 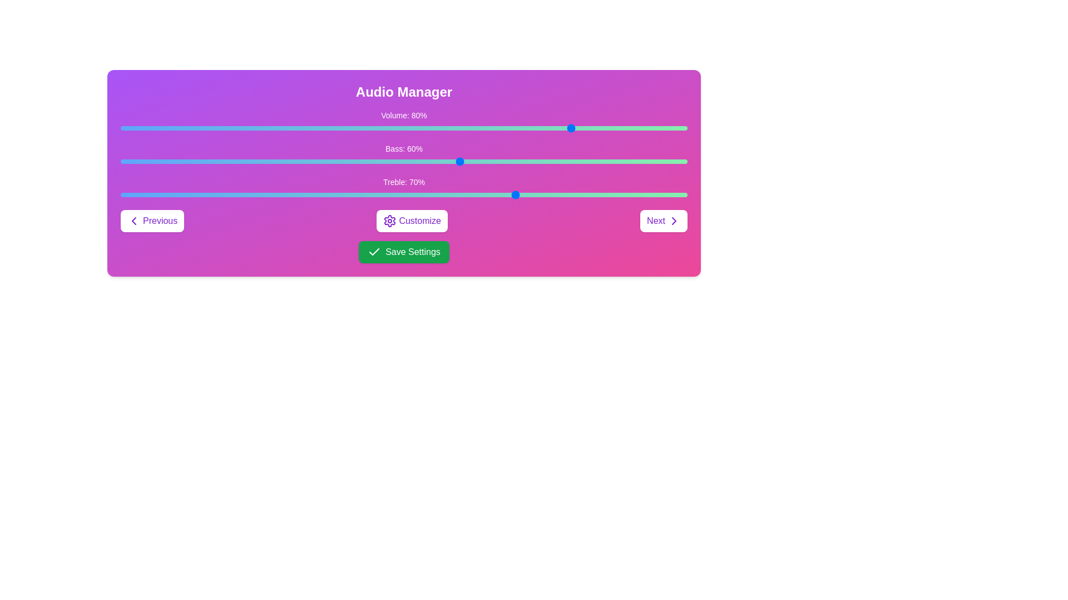 What do you see at coordinates (625, 194) in the screenshot?
I see `treble` at bounding box center [625, 194].